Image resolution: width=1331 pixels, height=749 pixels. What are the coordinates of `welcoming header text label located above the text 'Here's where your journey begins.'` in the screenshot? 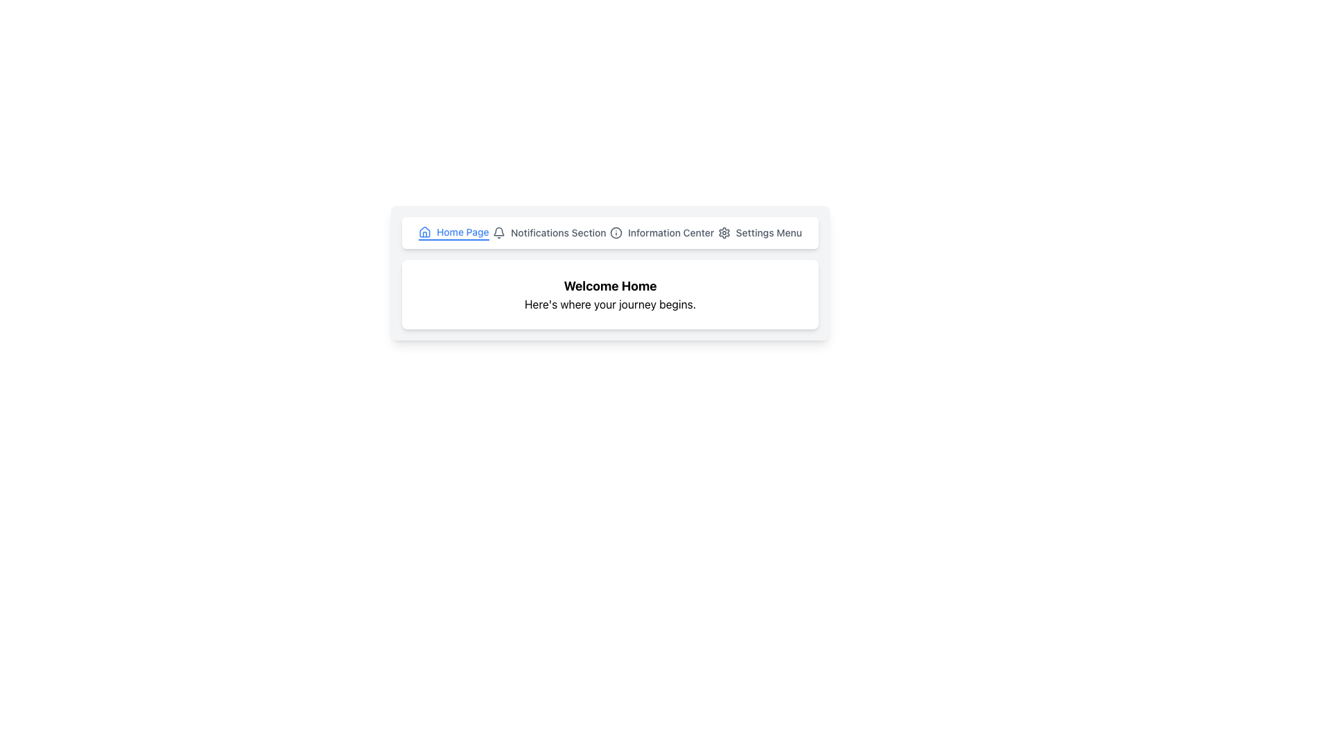 It's located at (610, 285).